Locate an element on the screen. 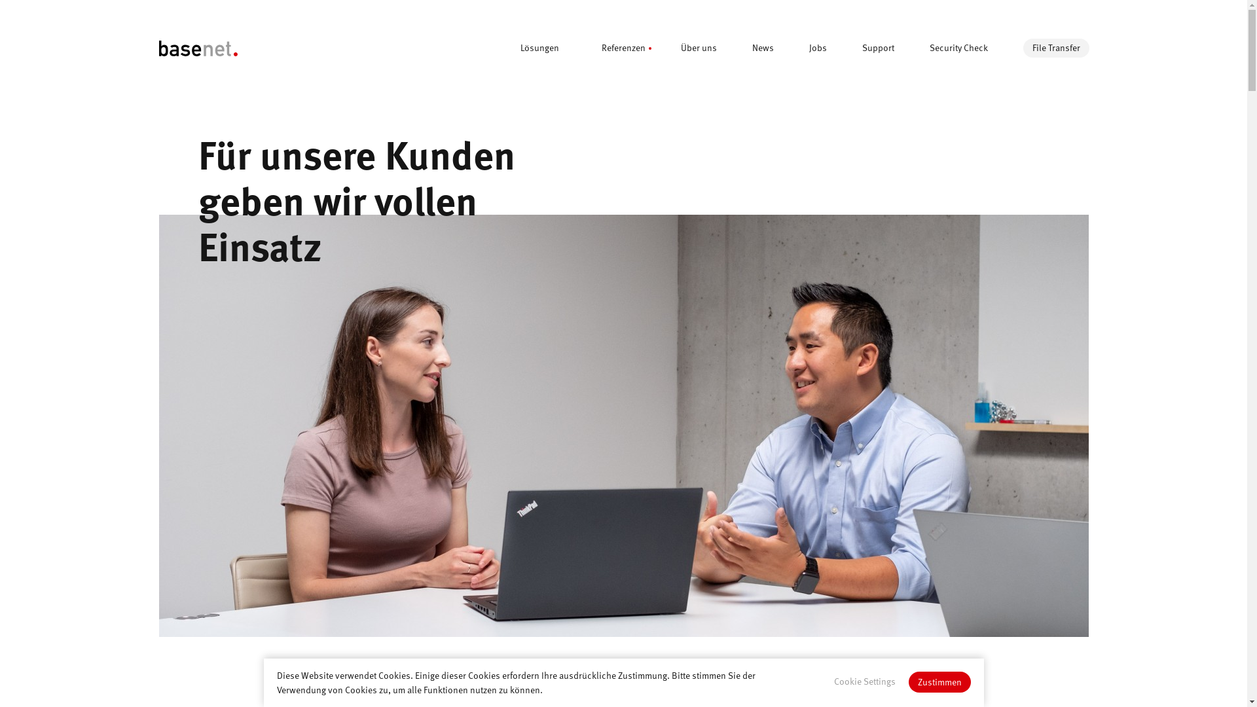  'File Transfer' is located at coordinates (1055, 47).